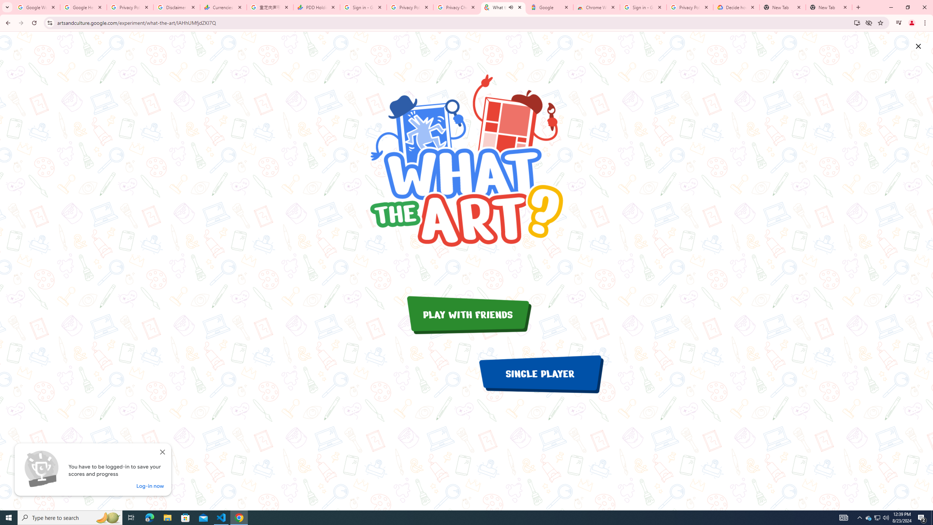 Image resolution: width=933 pixels, height=525 pixels. Describe the element at coordinates (550, 7) in the screenshot. I see `'Google'` at that location.